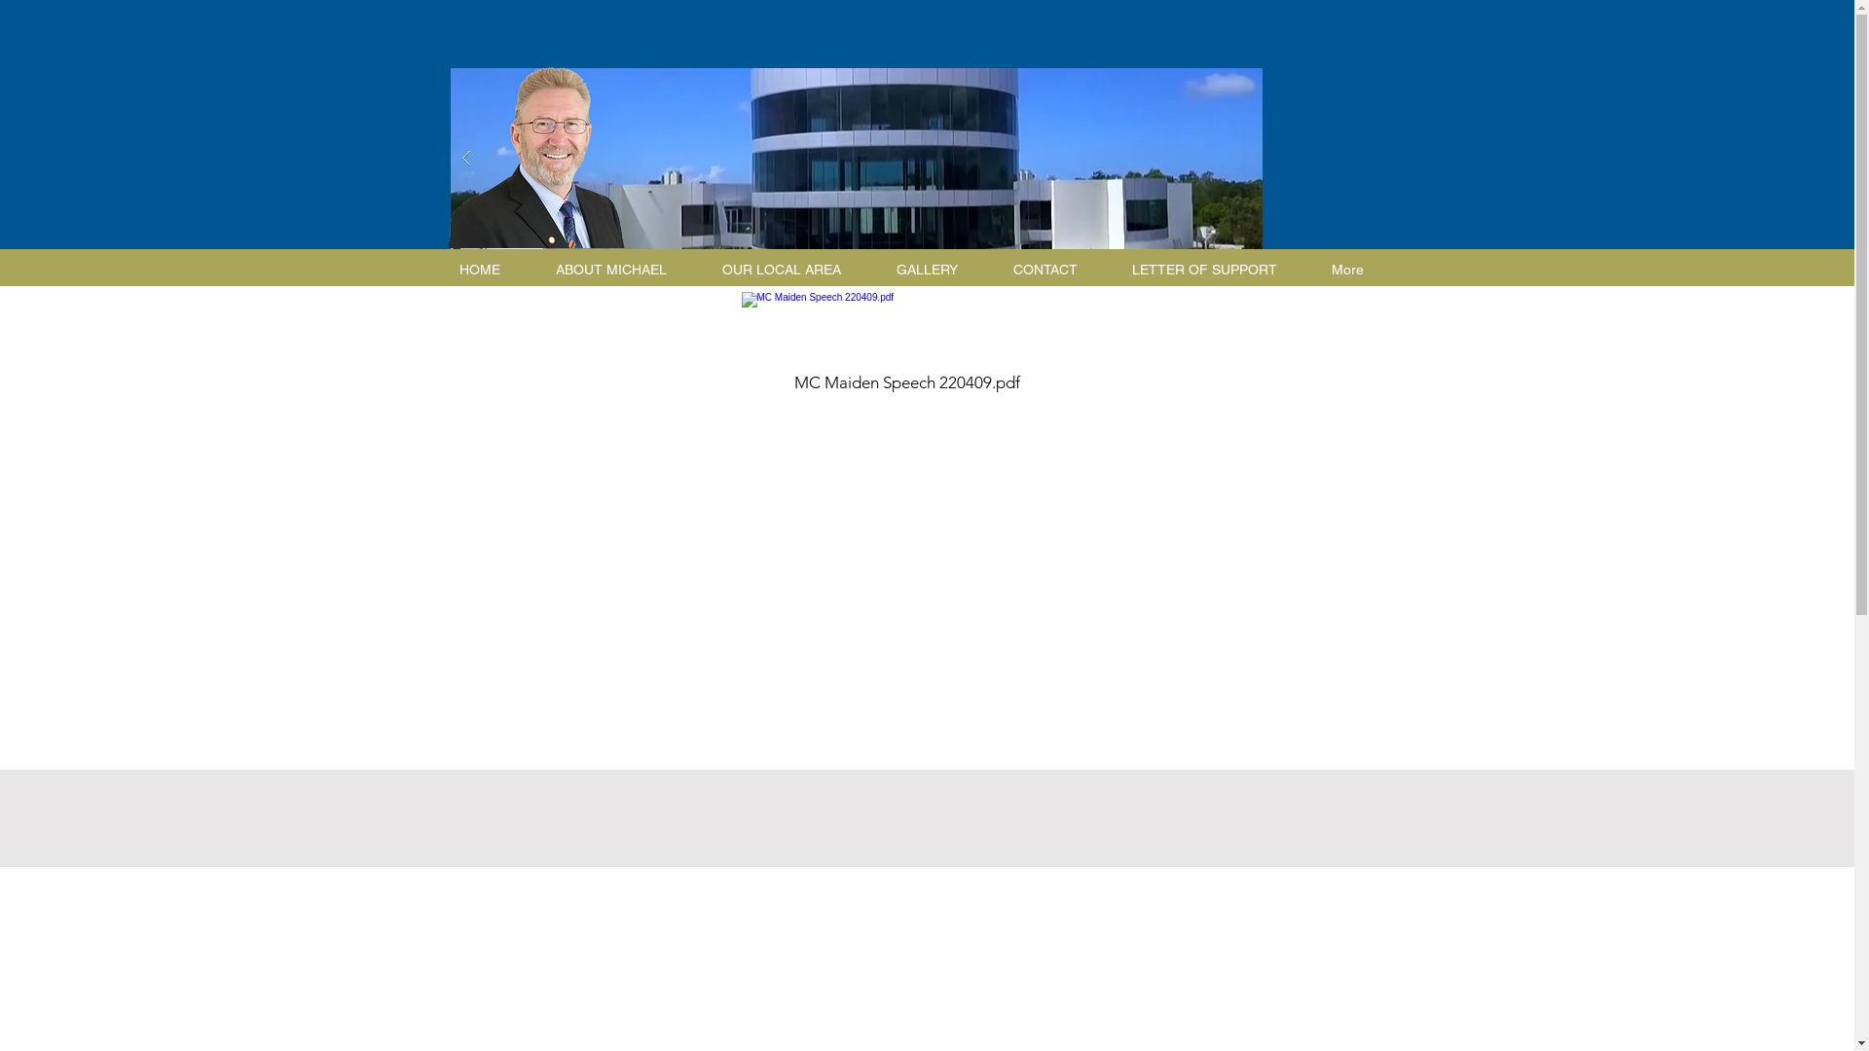 This screenshot has height=1051, width=1869. I want to click on 'HOME', so click(488, 270).